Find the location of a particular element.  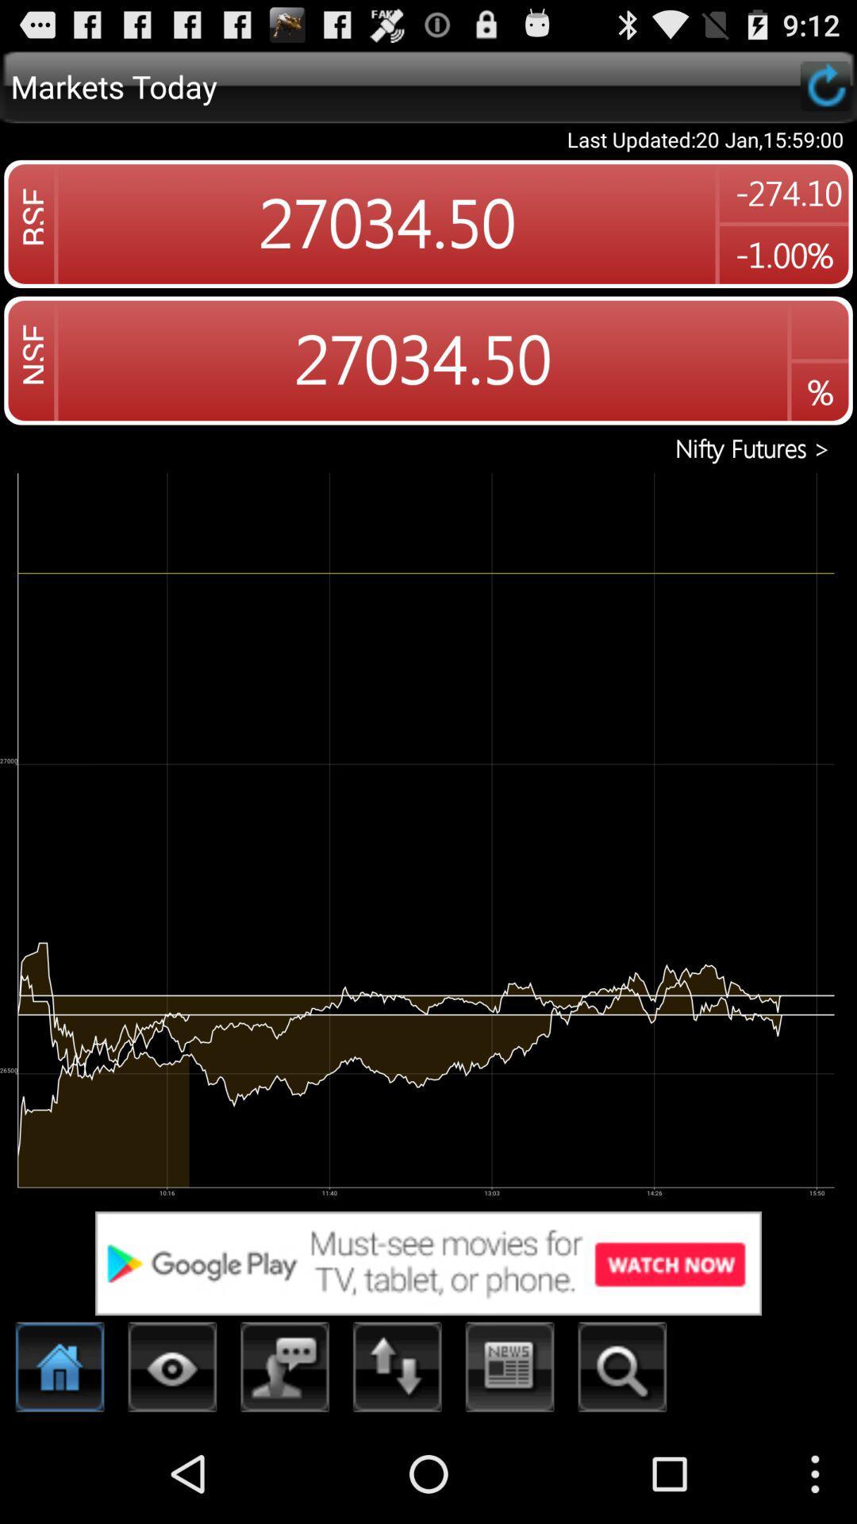

home is located at coordinates (60, 1371).